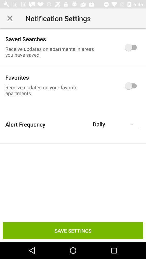  Describe the element at coordinates (132, 86) in the screenshot. I see `updates on favorite apartments` at that location.